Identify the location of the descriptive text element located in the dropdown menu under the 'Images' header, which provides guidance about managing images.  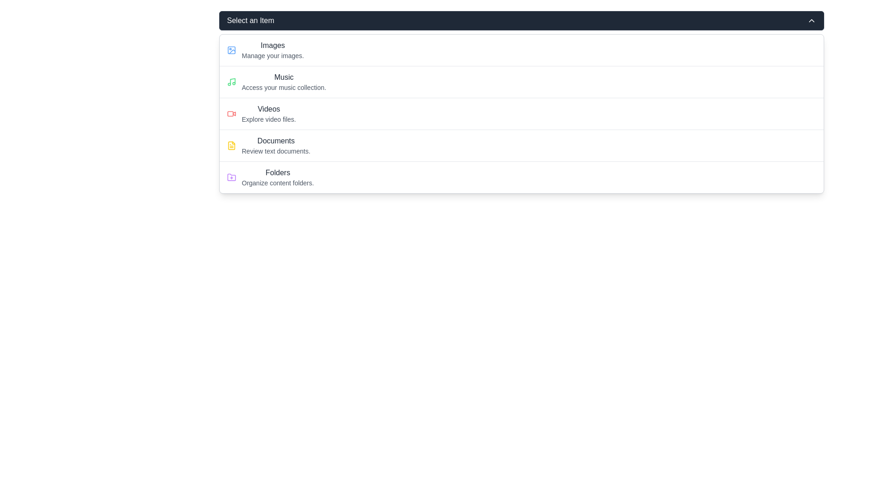
(272, 55).